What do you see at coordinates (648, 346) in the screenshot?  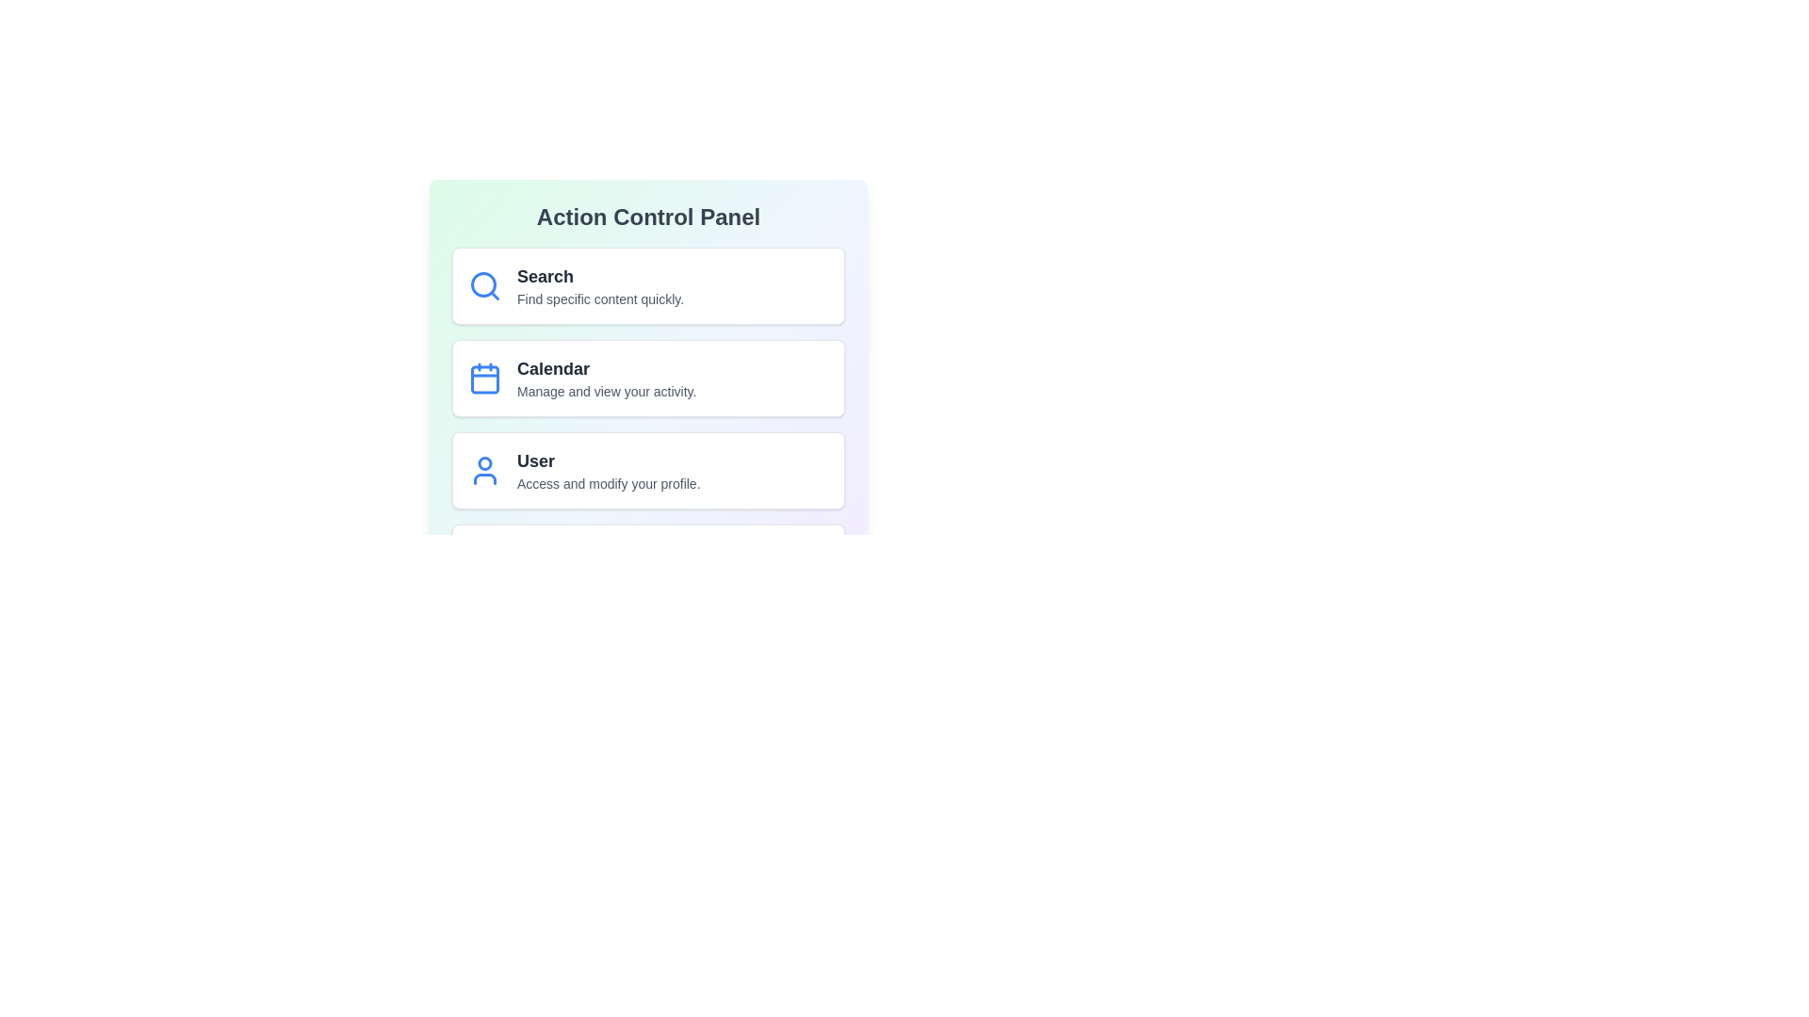 I see `the second card in the vertically stacked list of options within the 'Action Control Panel'` at bounding box center [648, 346].